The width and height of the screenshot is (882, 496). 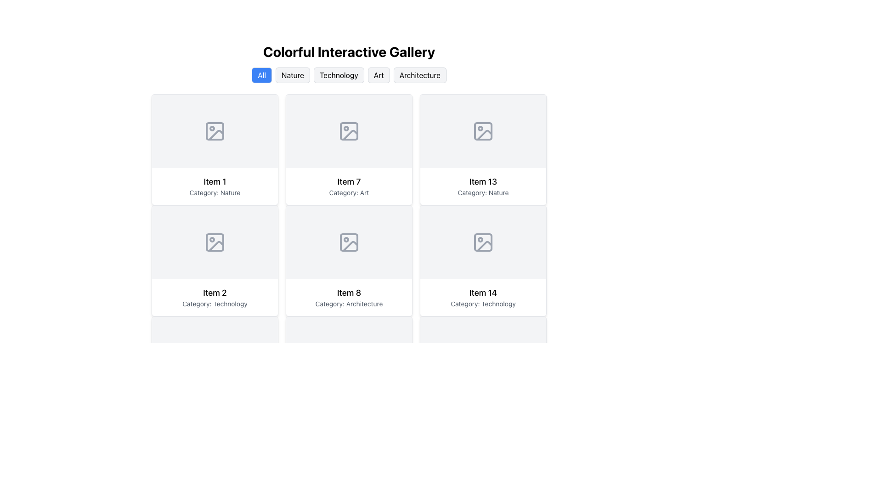 I want to click on the text label displaying 'Category: Architecture' located beneath the heading 'Item 8' within the third card of the second row in the grid-style gallery interface, so click(x=348, y=304).